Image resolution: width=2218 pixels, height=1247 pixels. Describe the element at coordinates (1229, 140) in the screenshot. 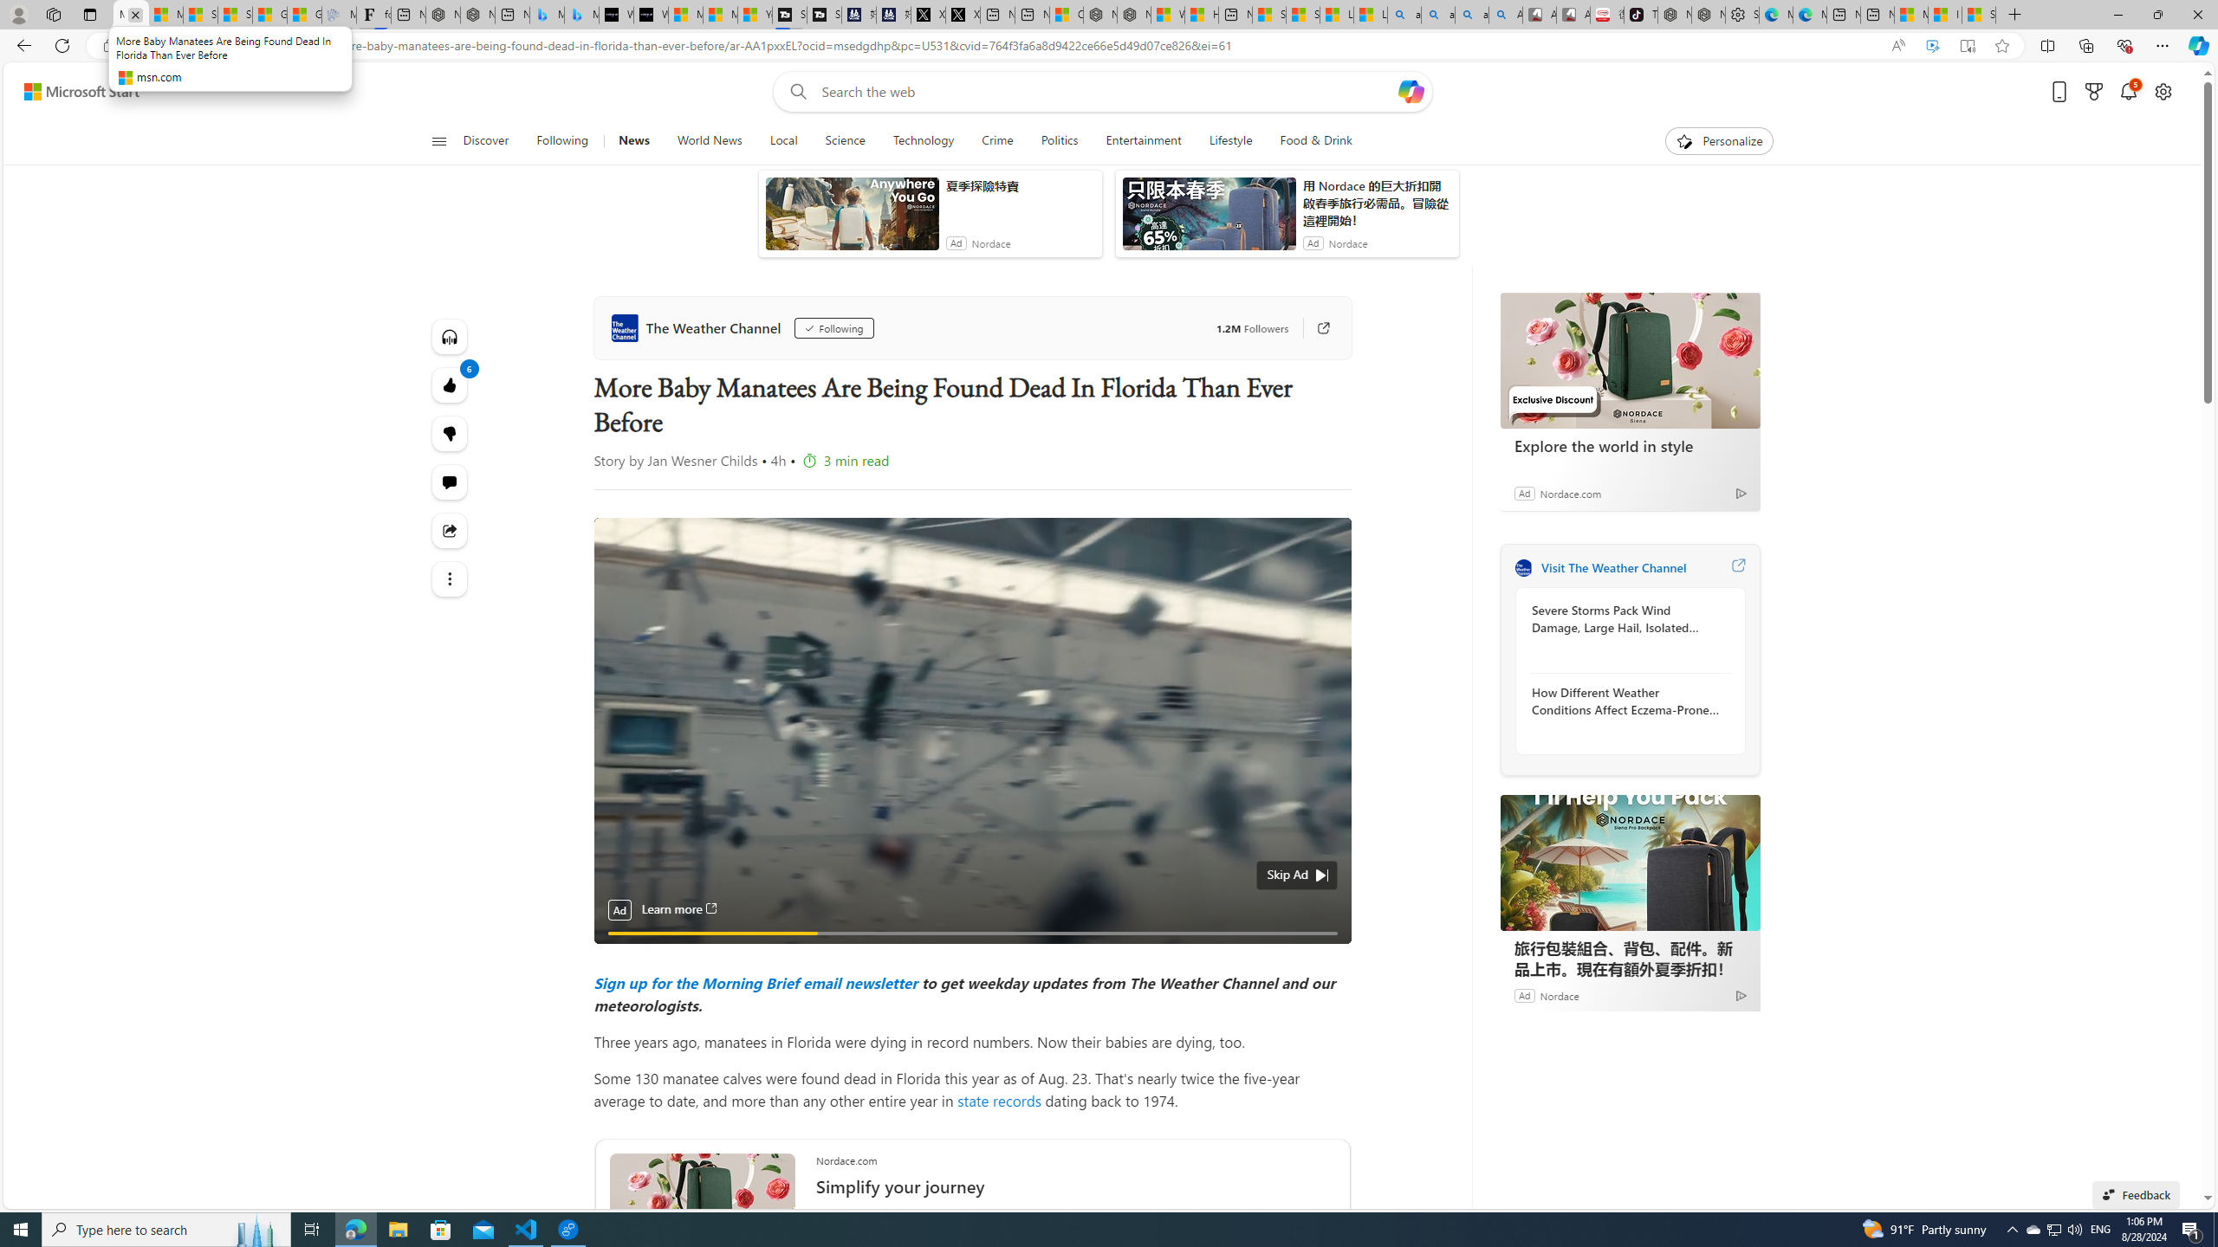

I see `'Lifestyle'` at that location.